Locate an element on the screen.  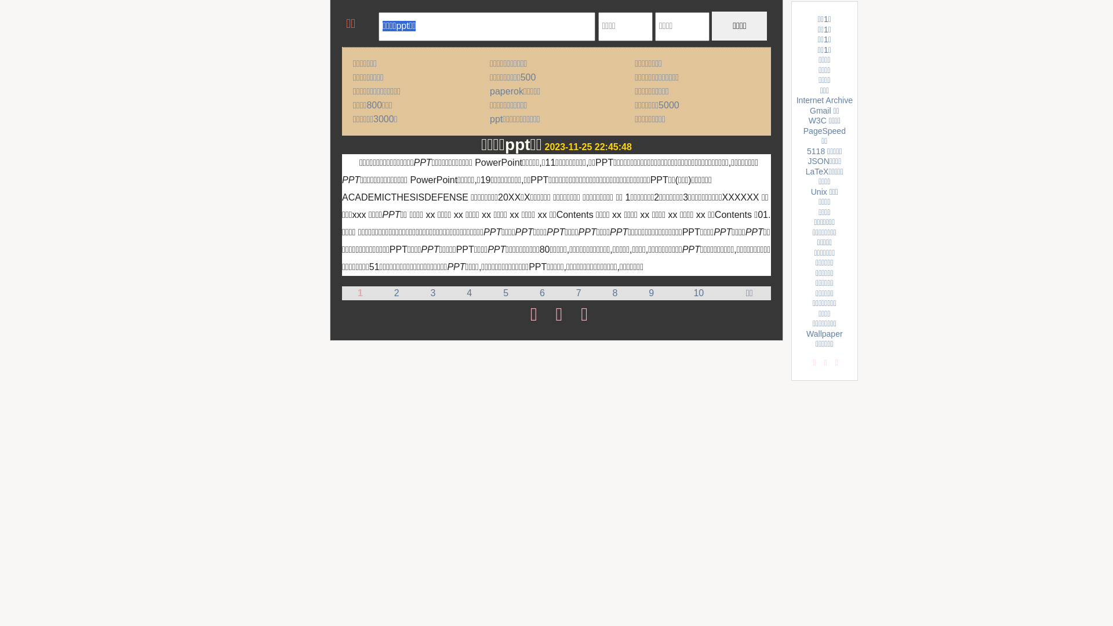
'2' is located at coordinates (397, 292).